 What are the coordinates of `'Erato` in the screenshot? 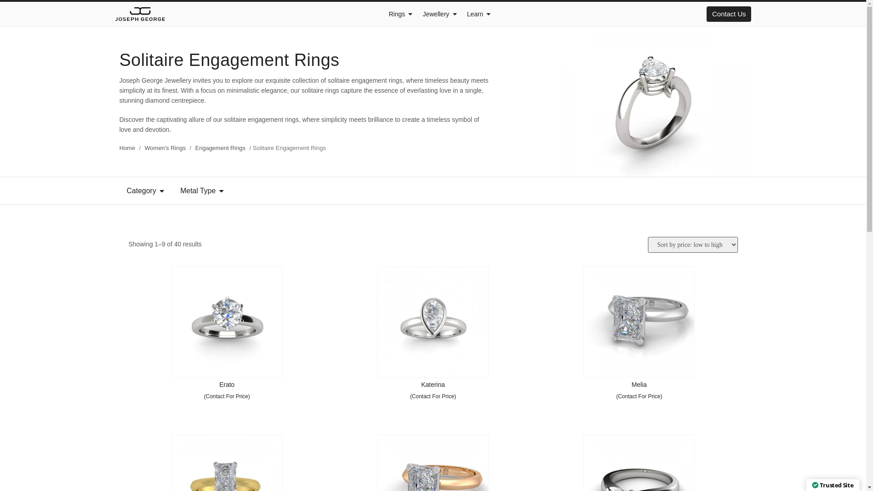 It's located at (226, 335).